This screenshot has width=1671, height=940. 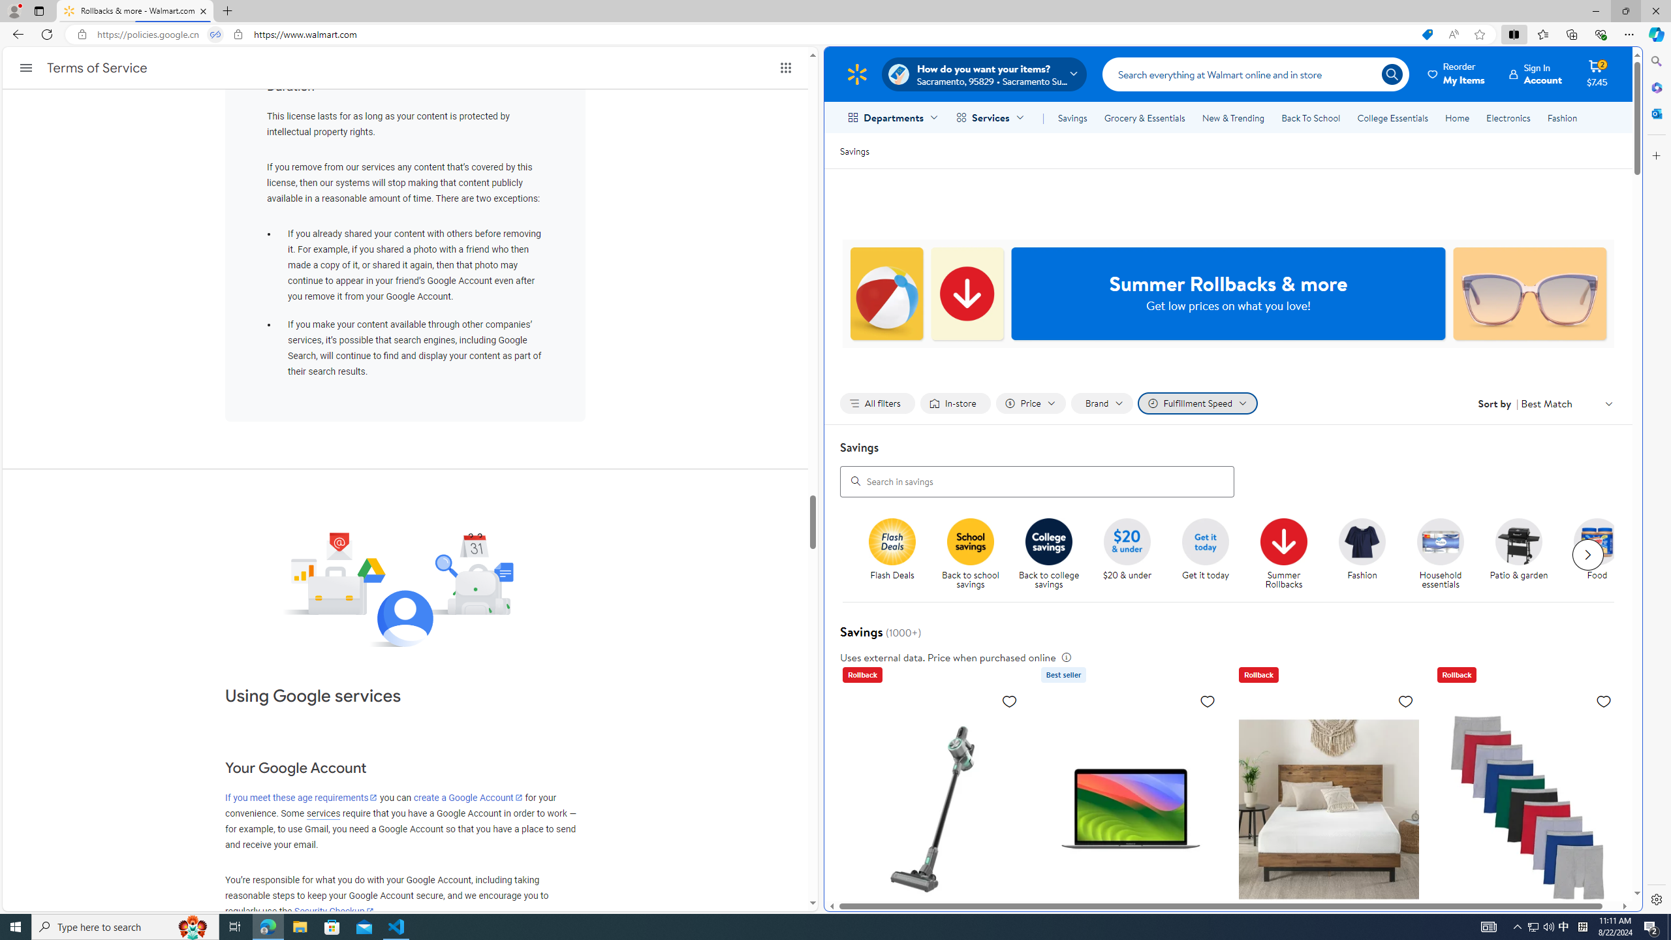 What do you see at coordinates (1210, 554) in the screenshot?
I see `'Get it today'` at bounding box center [1210, 554].